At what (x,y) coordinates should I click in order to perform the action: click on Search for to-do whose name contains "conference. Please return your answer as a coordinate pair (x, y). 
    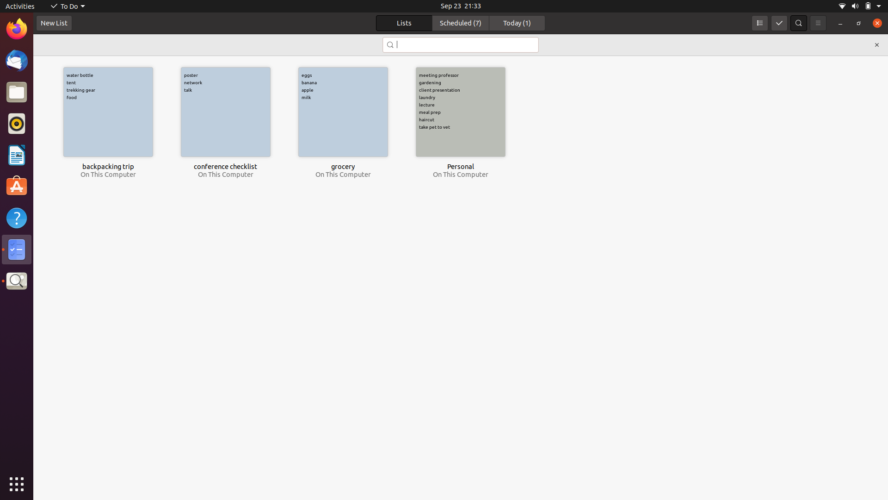
    Looking at the image, I should click on (460, 45).